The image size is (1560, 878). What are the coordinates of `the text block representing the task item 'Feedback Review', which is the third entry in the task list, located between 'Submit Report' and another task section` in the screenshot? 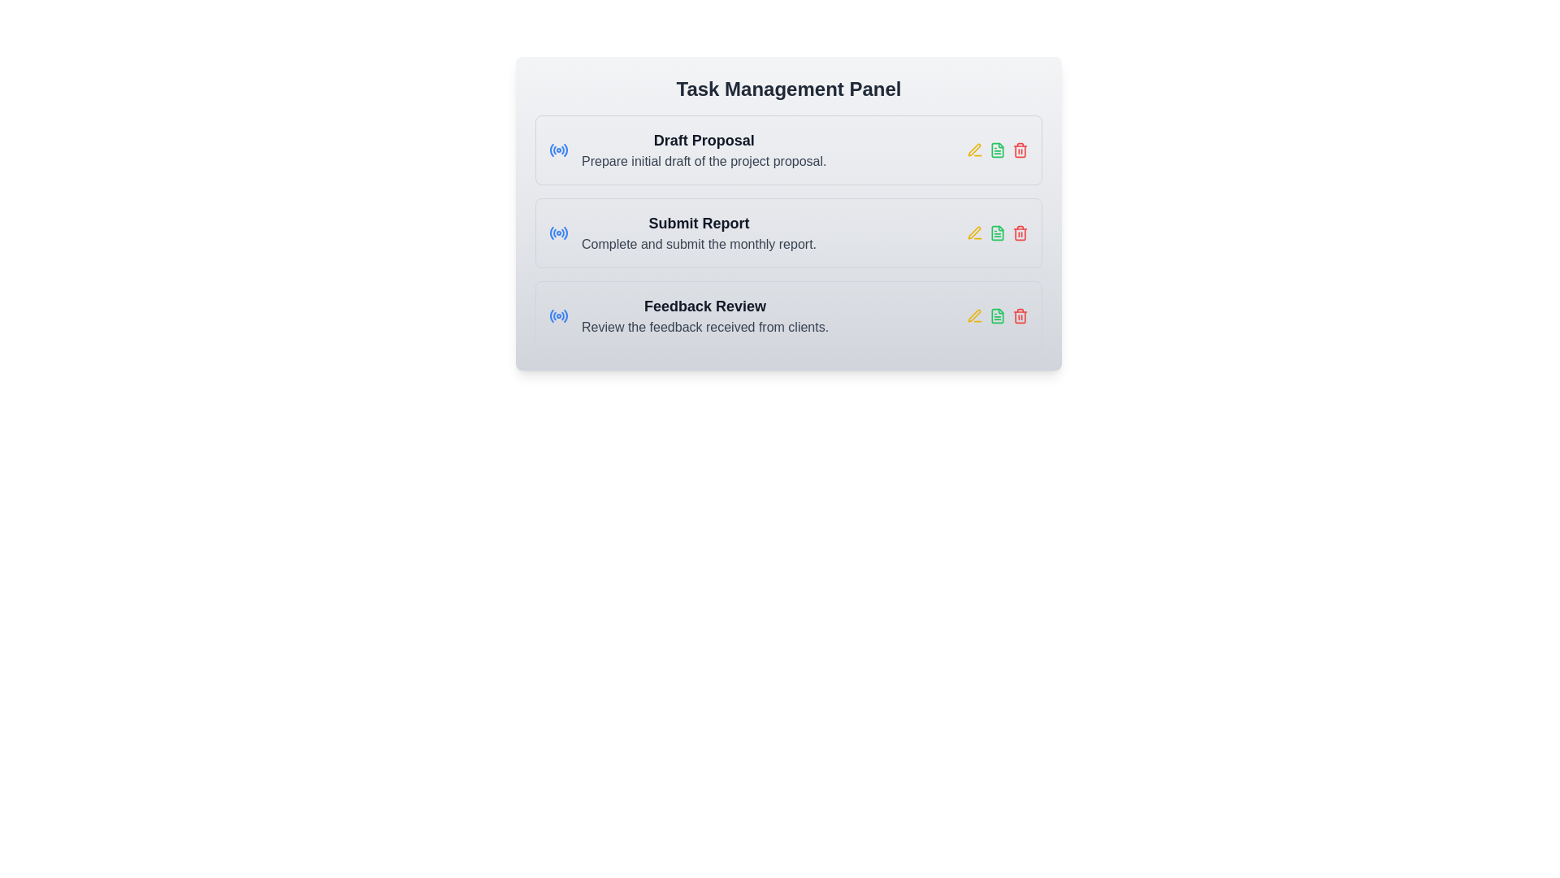 It's located at (689, 316).